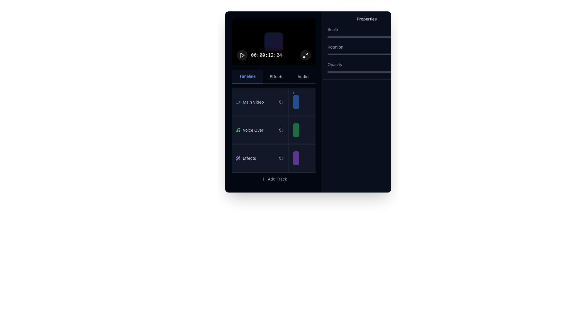 The width and height of the screenshot is (563, 316). I want to click on the text label located in the 'Properties' section to the left of the '100%' label, which serves as a descriptor for an adjustable property, so click(333, 29).